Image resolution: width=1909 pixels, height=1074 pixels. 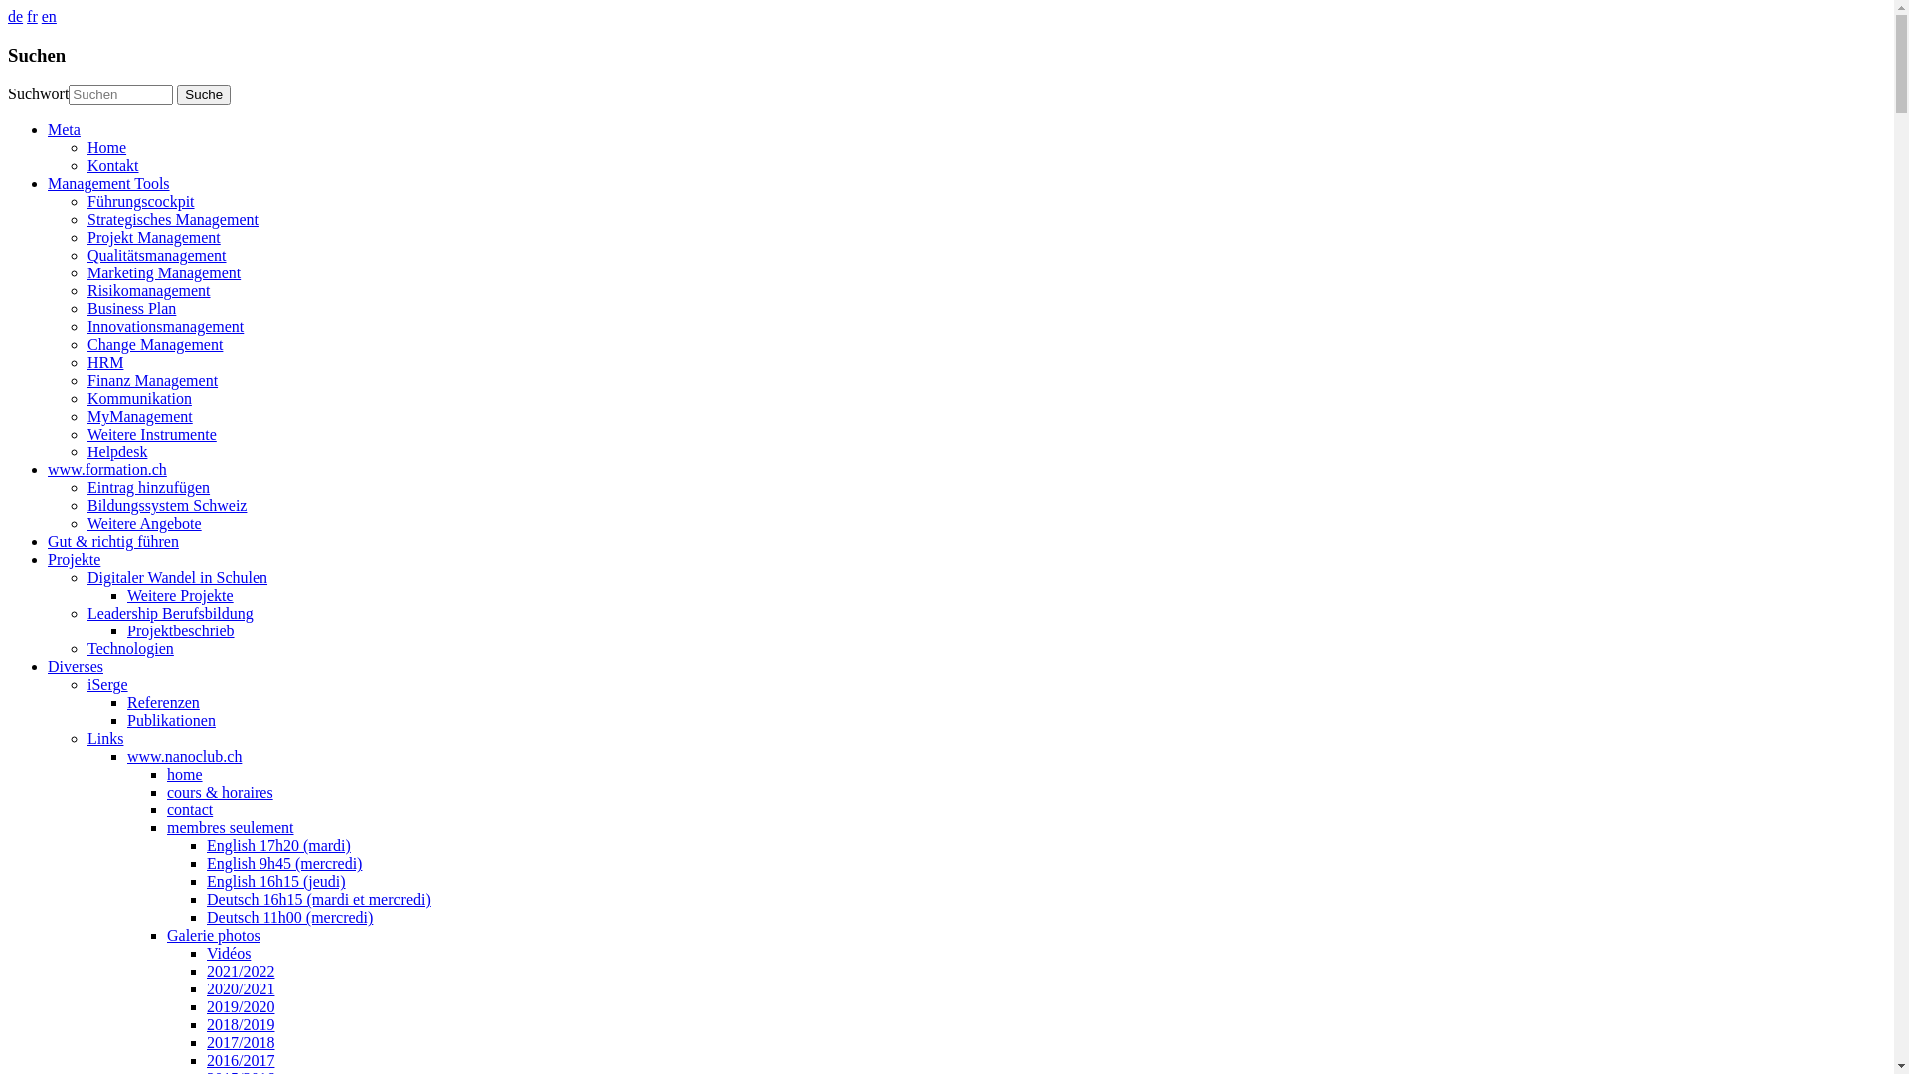 What do you see at coordinates (130, 308) in the screenshot?
I see `'Business Plan'` at bounding box center [130, 308].